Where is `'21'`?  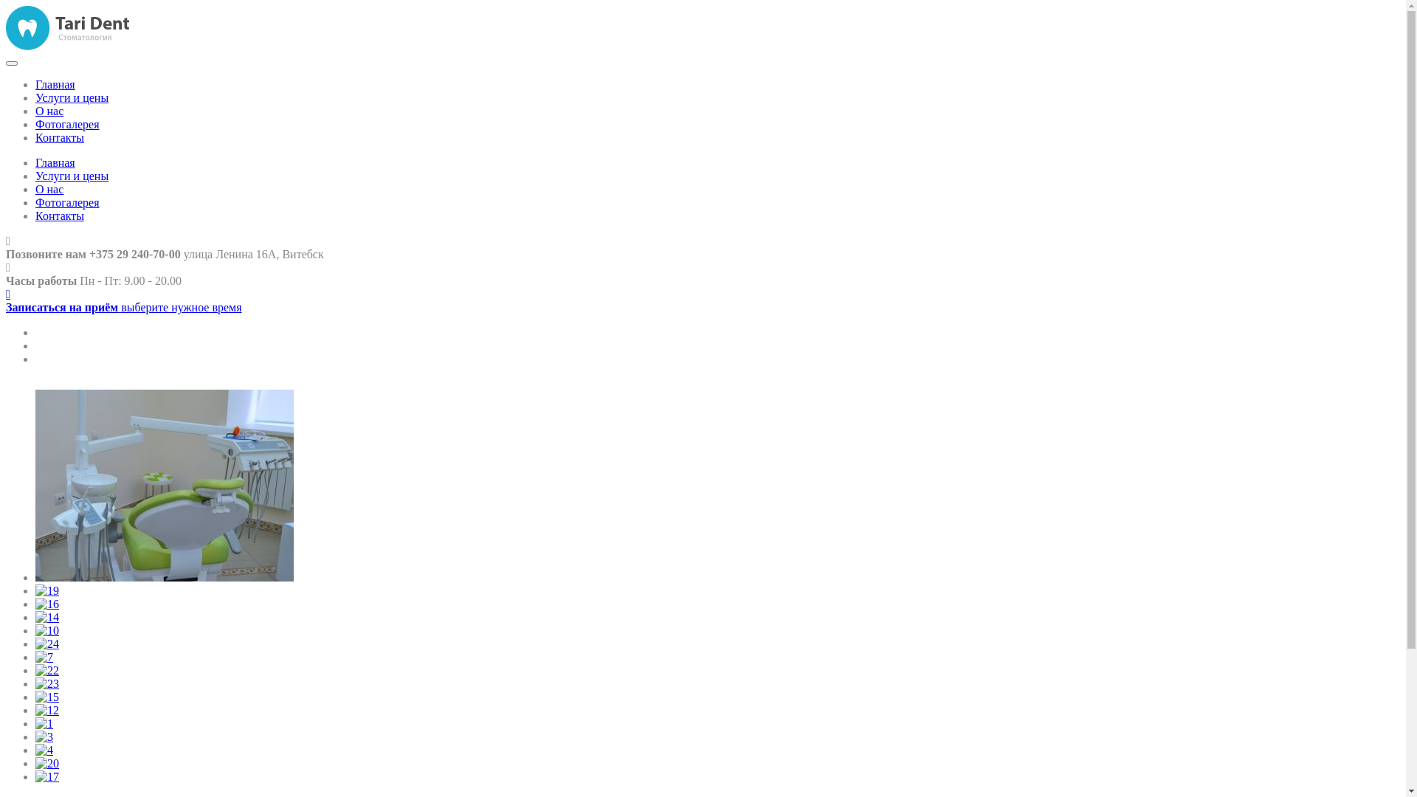
'21' is located at coordinates (164, 486).